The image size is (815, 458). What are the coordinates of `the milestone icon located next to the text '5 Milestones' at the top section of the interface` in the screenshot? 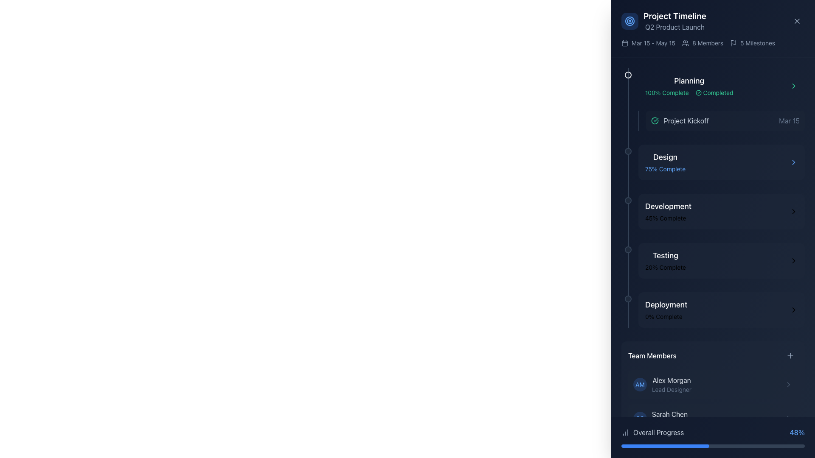 It's located at (733, 43).